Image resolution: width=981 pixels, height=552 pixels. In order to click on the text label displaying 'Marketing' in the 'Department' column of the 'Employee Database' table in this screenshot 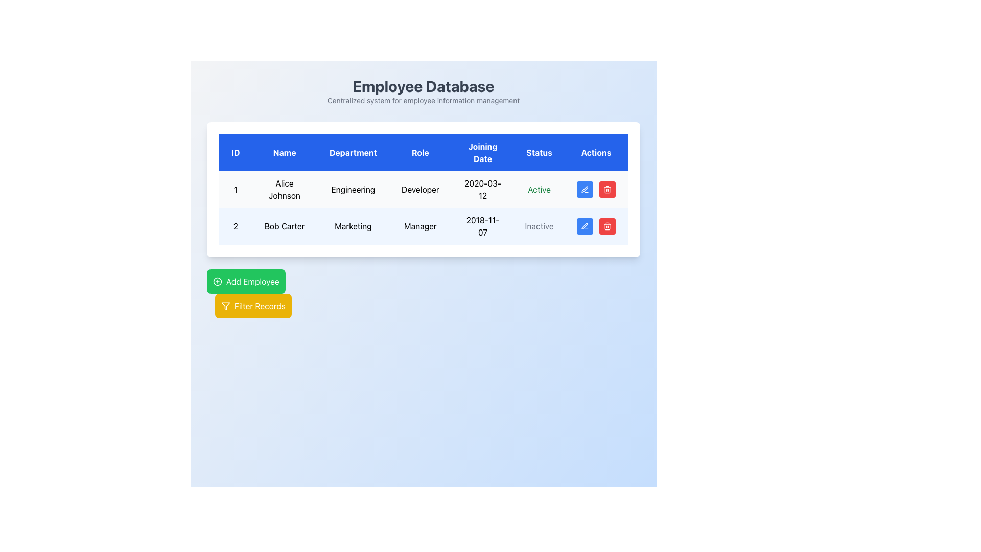, I will do `click(353, 226)`.